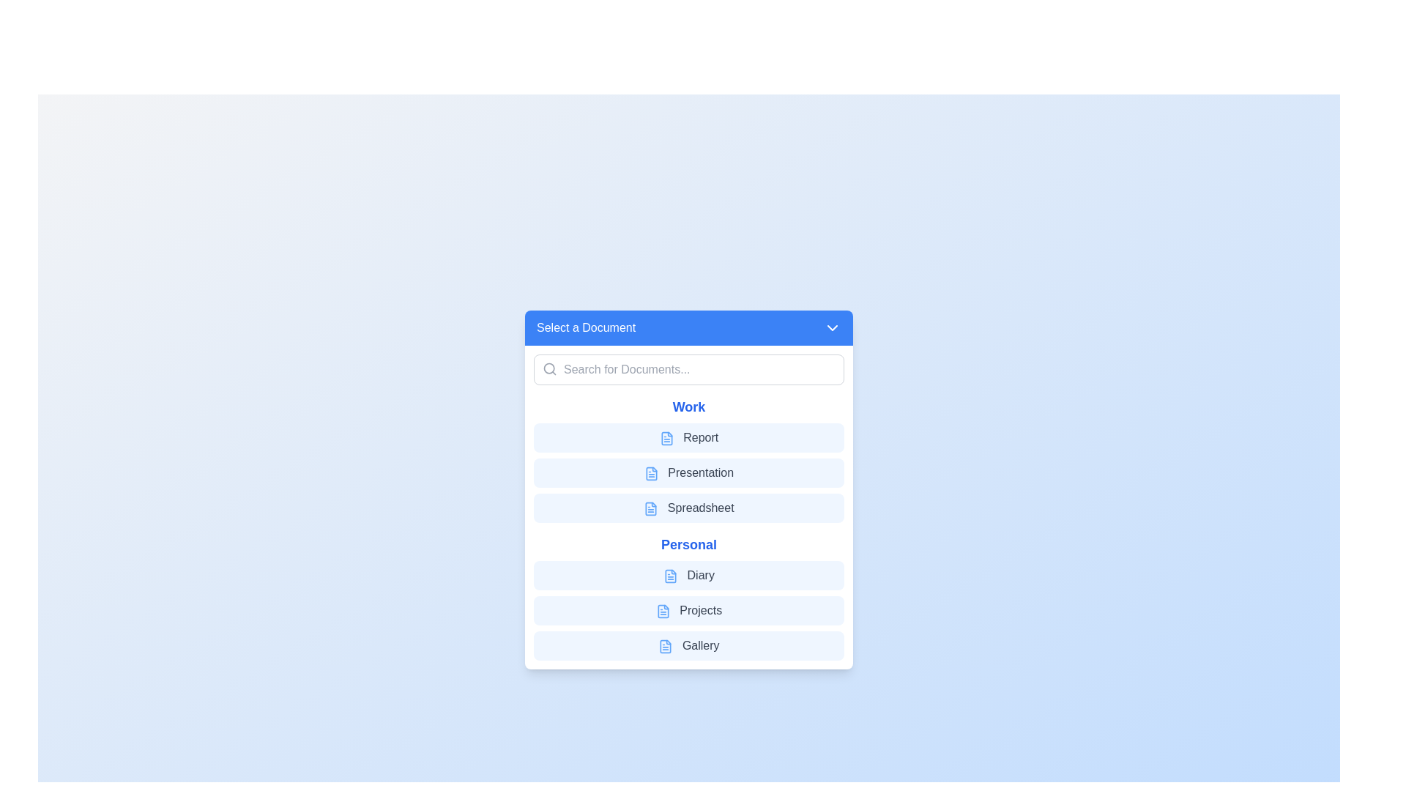  I want to click on the 'Diary' button located in the 'Personal' section of the document selection panel, which is the first option below 'Report', 'Presentation', and 'Spreadsheet', so click(688, 575).